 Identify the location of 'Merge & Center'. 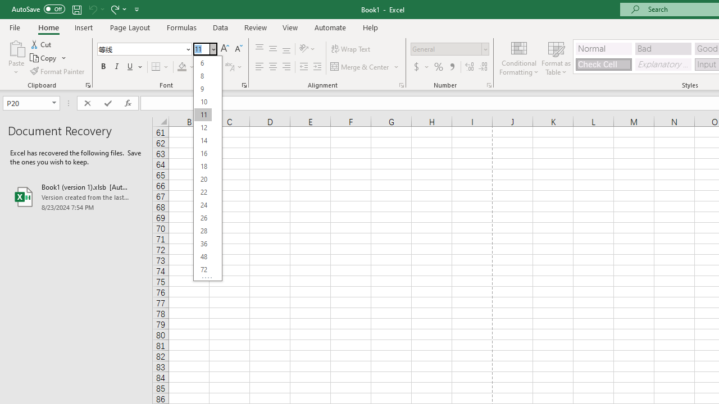
(365, 67).